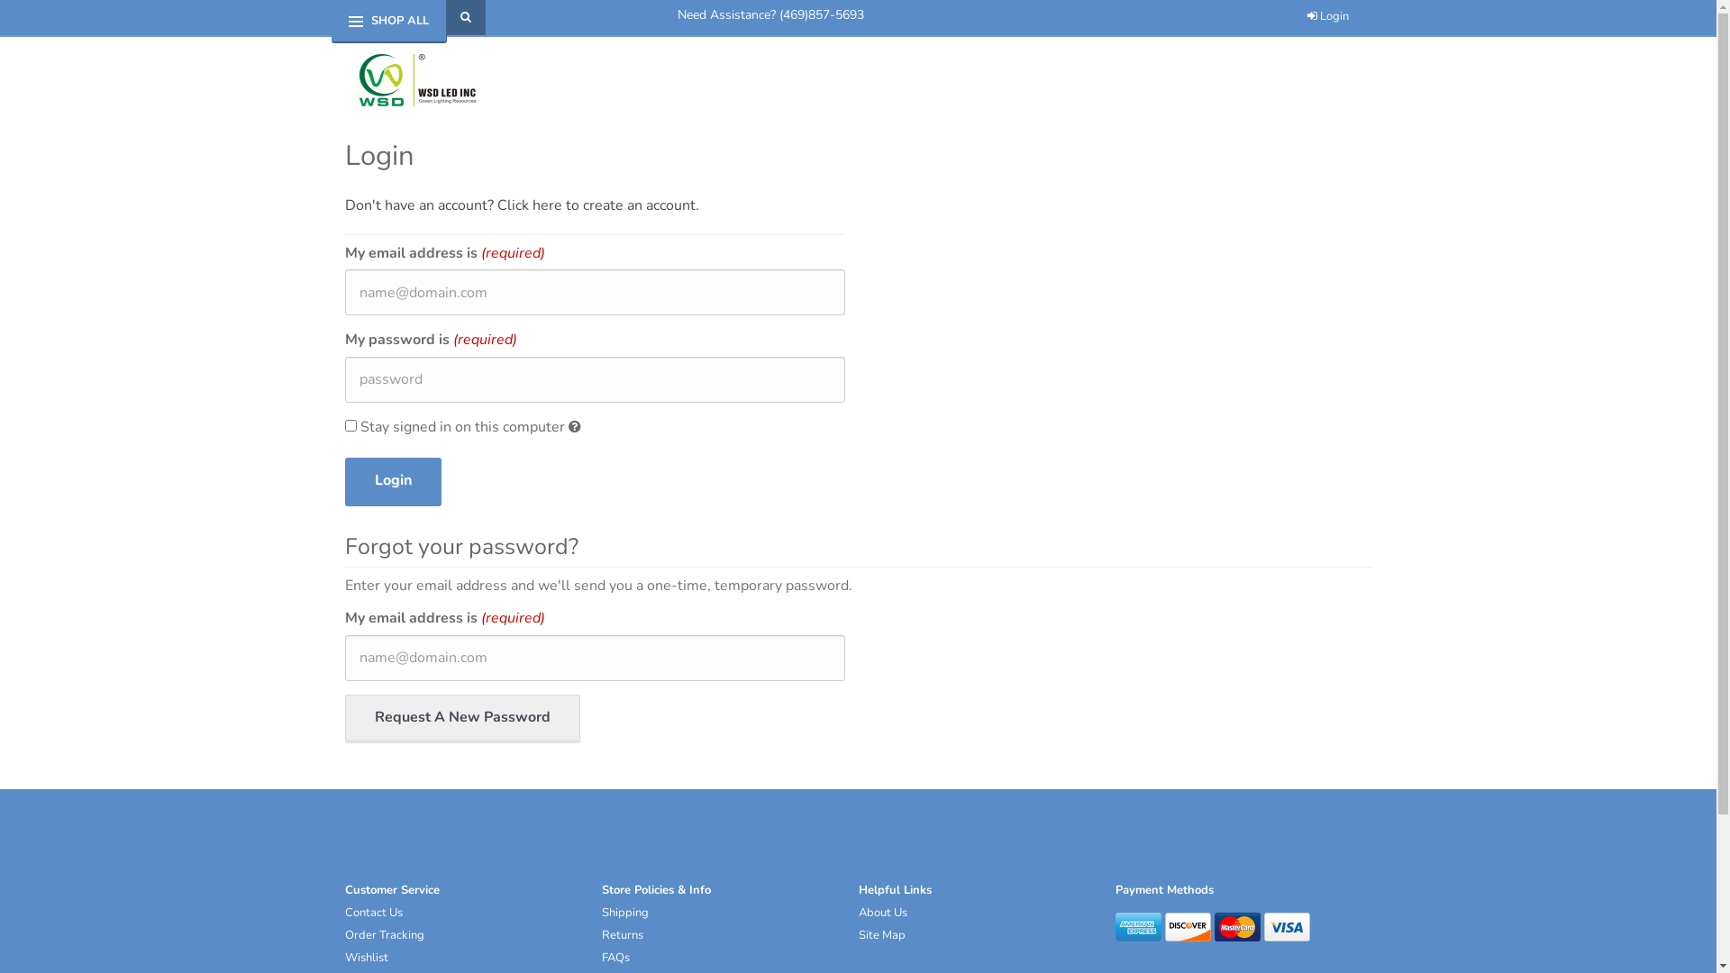  What do you see at coordinates (601, 913) in the screenshot?
I see `'Shipping'` at bounding box center [601, 913].